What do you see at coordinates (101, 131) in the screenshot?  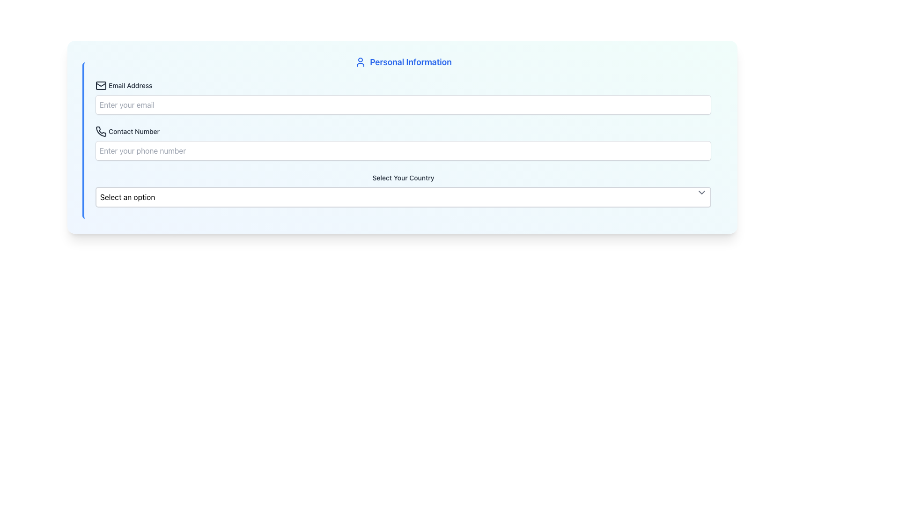 I see `the phone icon, which is styled with a curved outline and located to the left of the 'Contact Number' label and input field in the form` at bounding box center [101, 131].